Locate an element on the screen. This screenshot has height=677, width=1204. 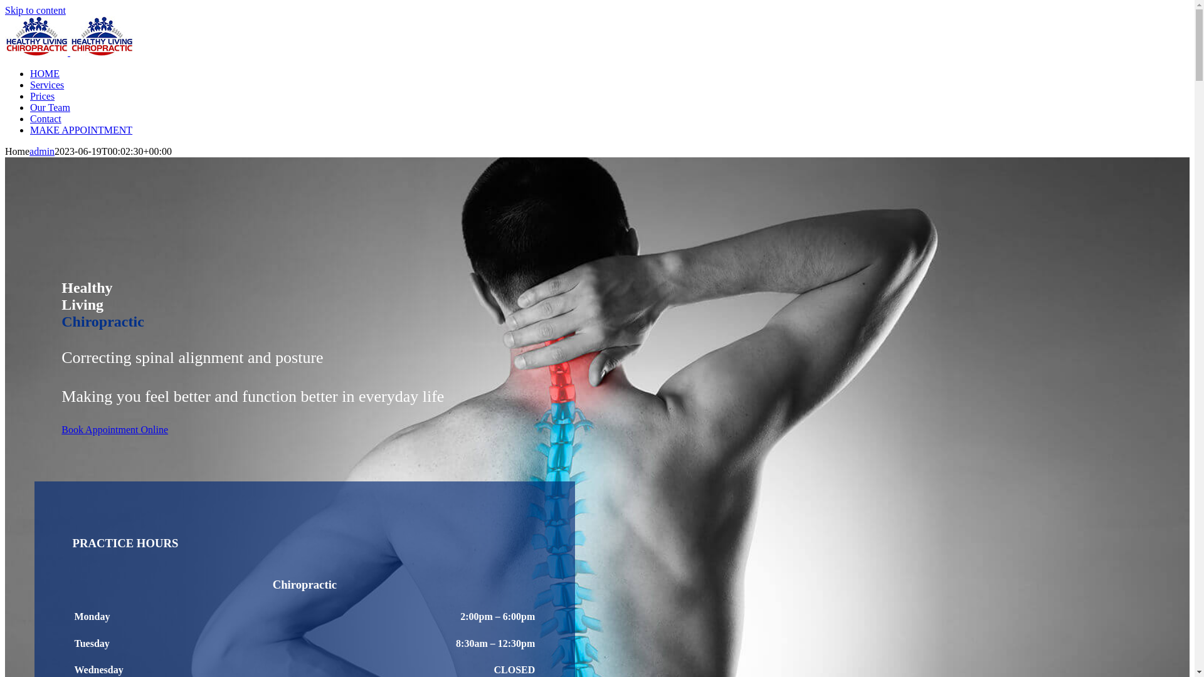
'Services' is located at coordinates (47, 85).